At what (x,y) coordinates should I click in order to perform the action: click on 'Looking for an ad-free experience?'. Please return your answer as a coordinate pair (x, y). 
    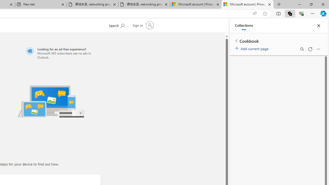
    Looking at the image, I should click on (62, 53).